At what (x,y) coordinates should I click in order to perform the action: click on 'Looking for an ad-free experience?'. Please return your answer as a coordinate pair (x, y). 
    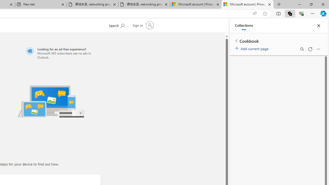
    Looking at the image, I should click on (62, 53).